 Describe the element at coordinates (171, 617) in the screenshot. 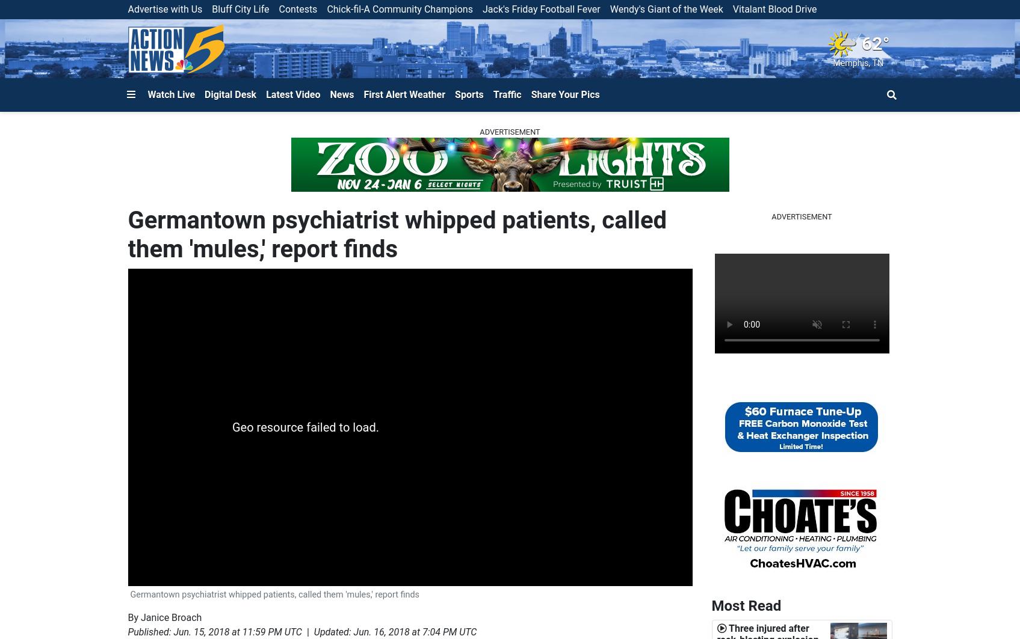

I see `'Janice Broach'` at that location.